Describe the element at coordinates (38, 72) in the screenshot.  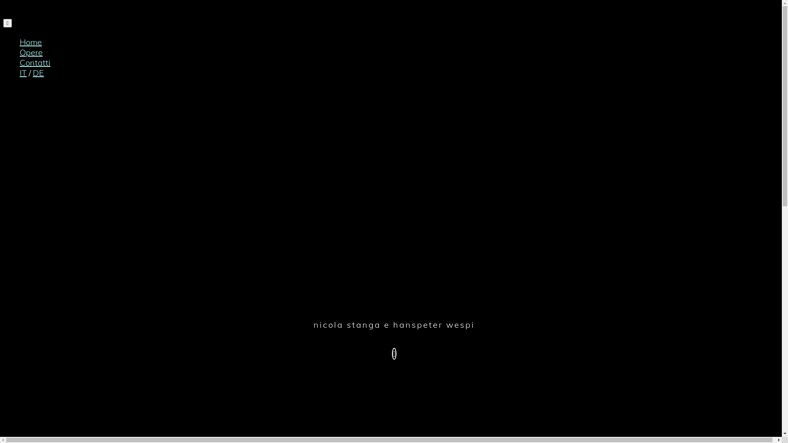
I see `'DE'` at that location.